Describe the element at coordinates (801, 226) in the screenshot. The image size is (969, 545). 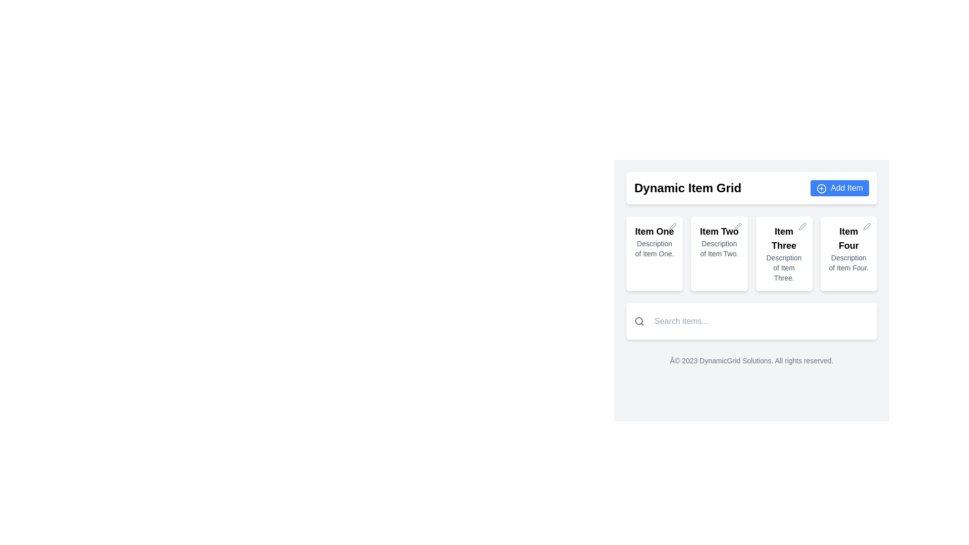
I see `the icon button with an editing pen design located at the top-right corner of the 'Item Three' card` at that location.